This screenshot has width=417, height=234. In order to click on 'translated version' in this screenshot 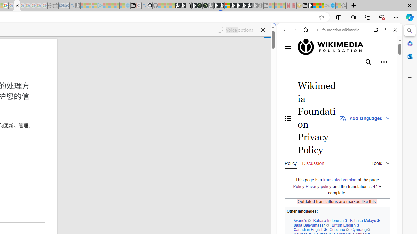, I will do `click(339, 179)`.